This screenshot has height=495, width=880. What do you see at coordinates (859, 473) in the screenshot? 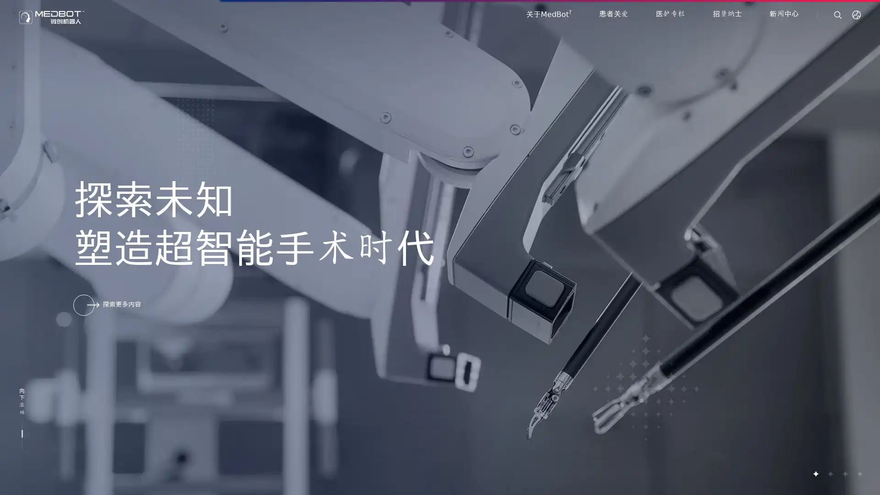
I see `Go to slide 4` at bounding box center [859, 473].